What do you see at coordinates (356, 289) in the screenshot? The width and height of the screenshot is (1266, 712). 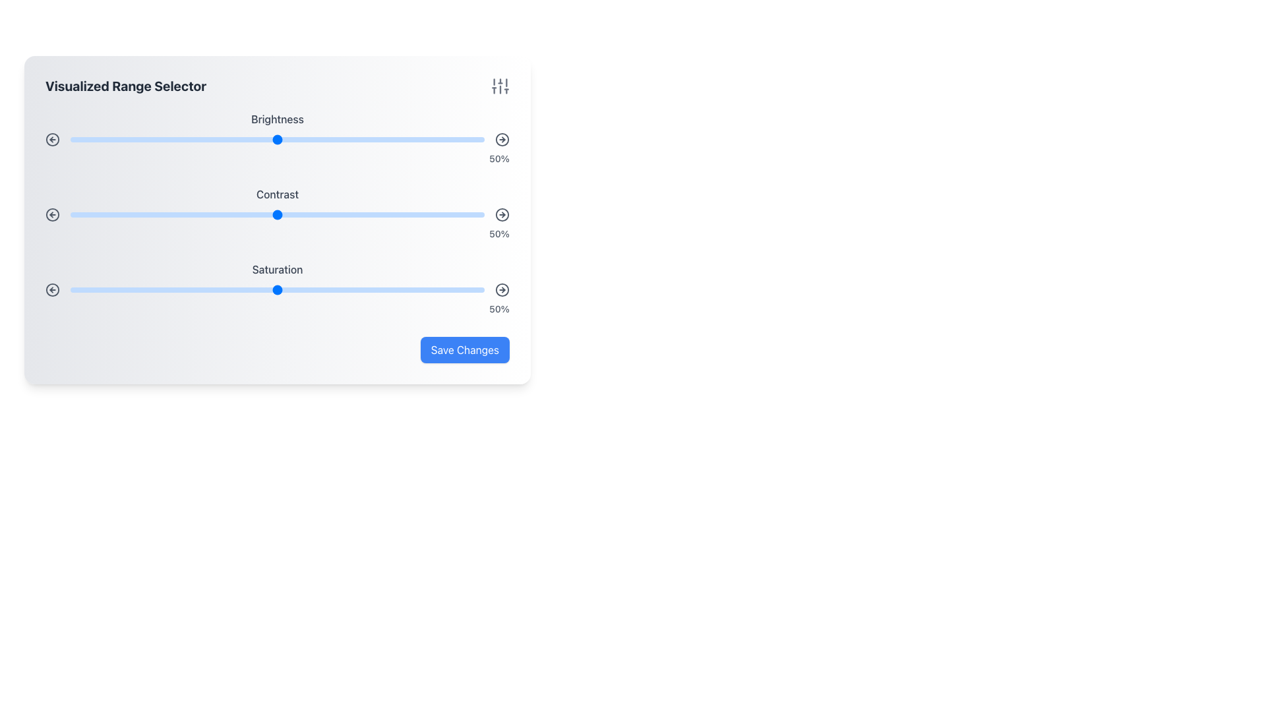 I see `the saturation level` at bounding box center [356, 289].